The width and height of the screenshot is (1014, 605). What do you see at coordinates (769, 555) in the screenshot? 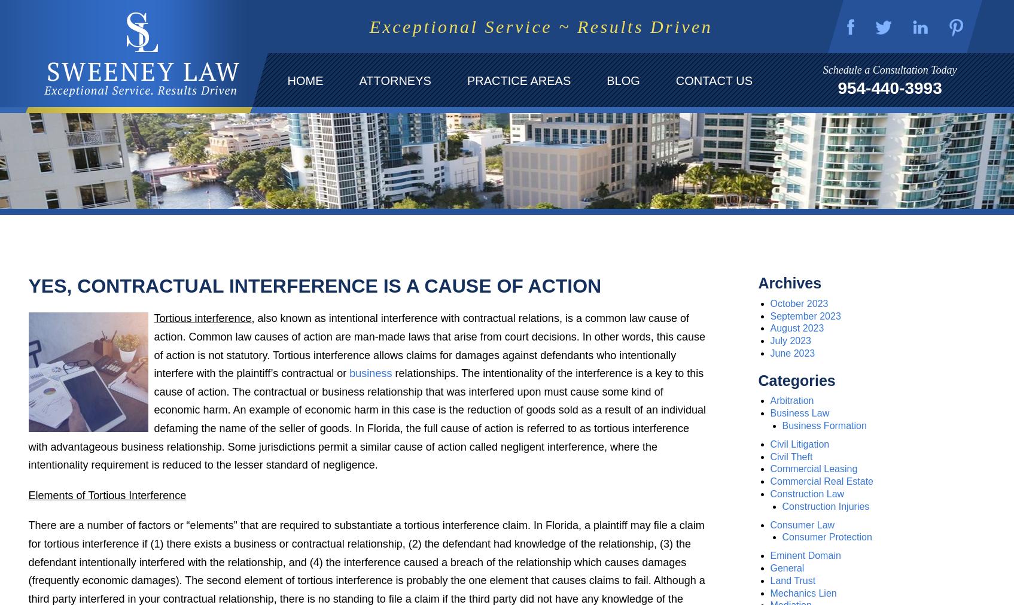
I see `'Eminent Domain'` at bounding box center [769, 555].